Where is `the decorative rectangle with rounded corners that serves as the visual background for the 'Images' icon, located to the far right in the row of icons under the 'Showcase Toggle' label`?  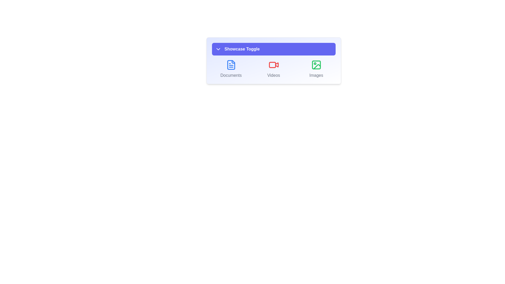
the decorative rectangle with rounded corners that serves as the visual background for the 'Images' icon, located to the far right in the row of icons under the 'Showcase Toggle' label is located at coordinates (316, 64).